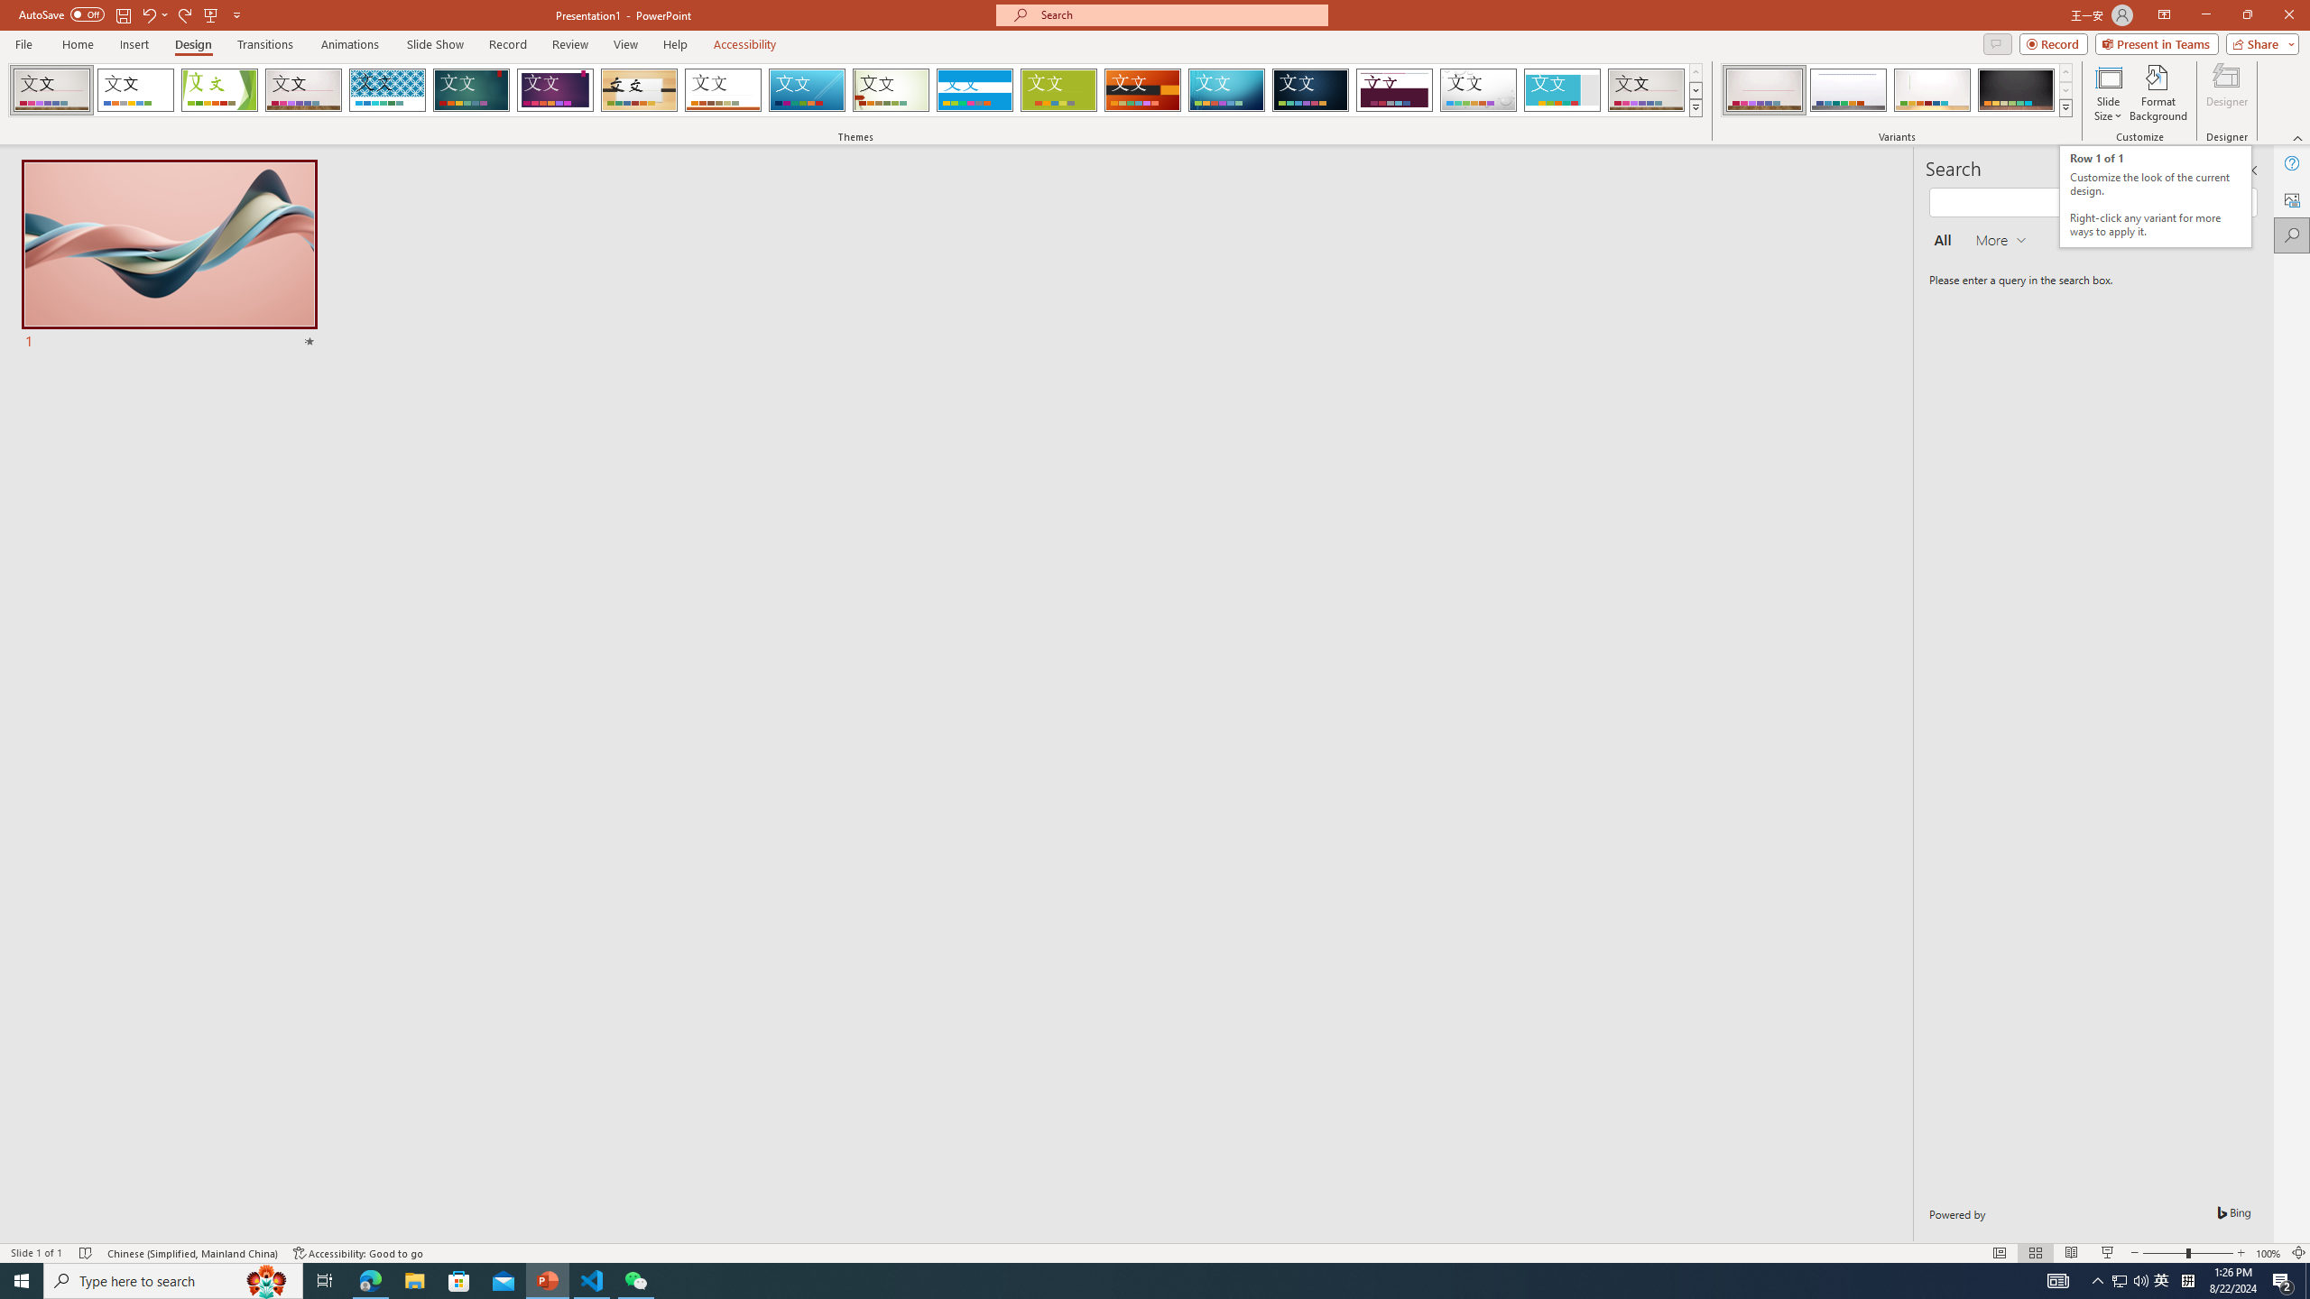 Image resolution: width=2310 pixels, height=1299 pixels. I want to click on 'Circuit', so click(1225, 89).